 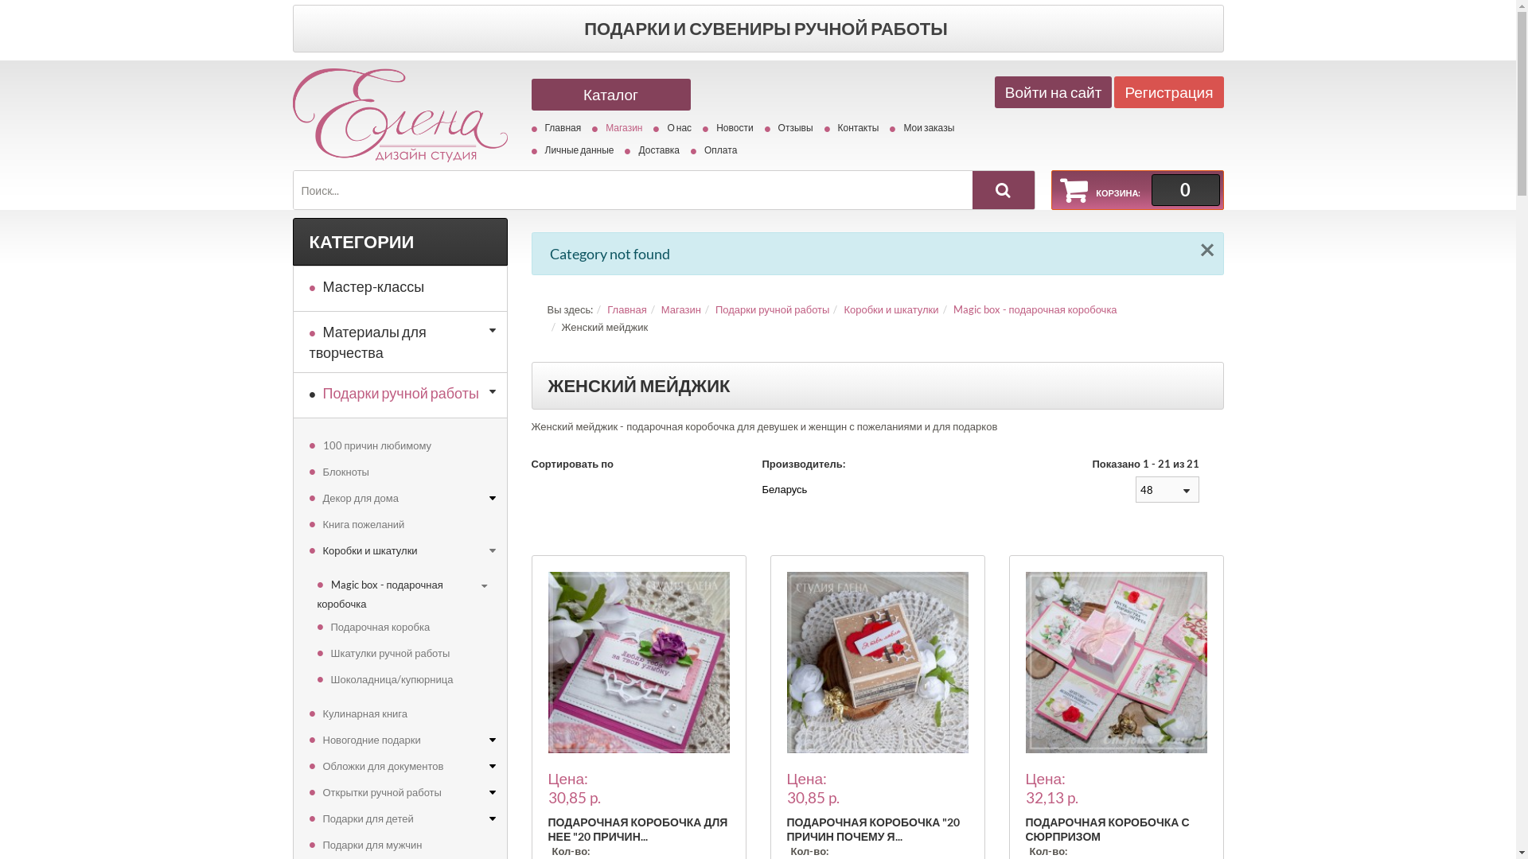 I want to click on '0', so click(x=1184, y=189).